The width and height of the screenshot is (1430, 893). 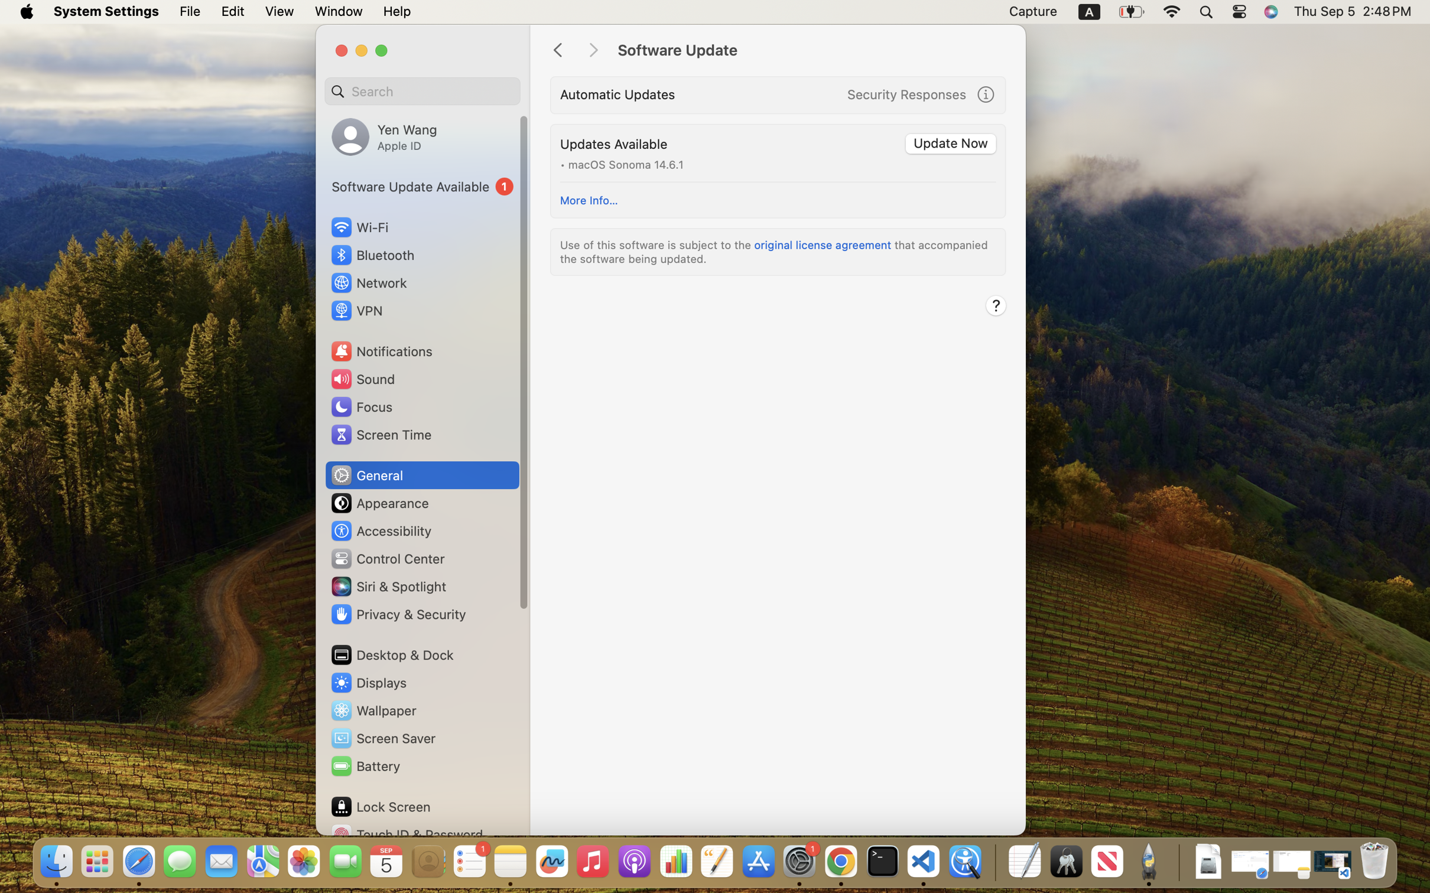 What do you see at coordinates (365, 474) in the screenshot?
I see `'General'` at bounding box center [365, 474].